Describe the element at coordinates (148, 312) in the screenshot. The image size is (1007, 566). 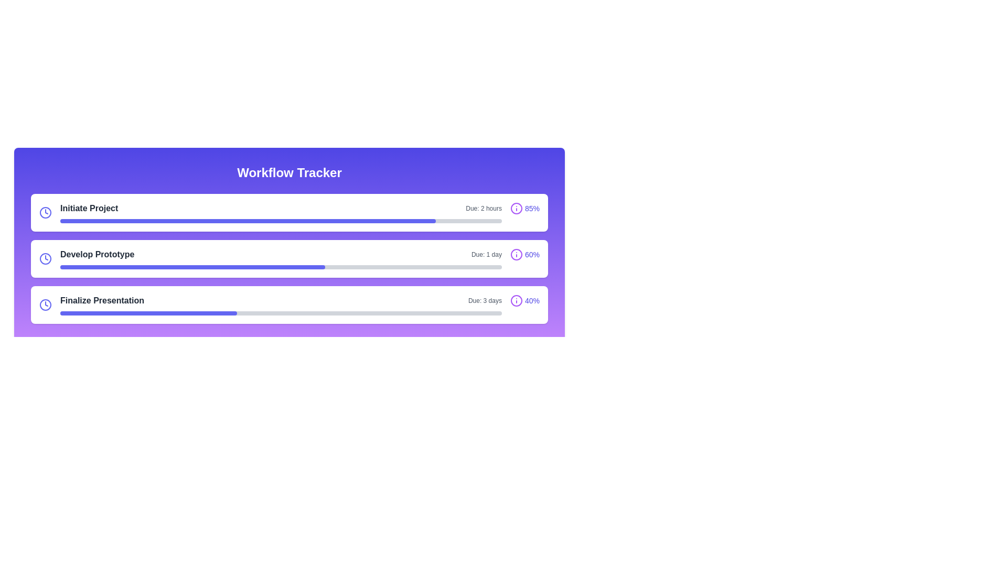
I see `the progress visually of the 'Finalize Presentation' progress indicator bar, which shows 40% completion and is part of the third progress tracker row` at that location.